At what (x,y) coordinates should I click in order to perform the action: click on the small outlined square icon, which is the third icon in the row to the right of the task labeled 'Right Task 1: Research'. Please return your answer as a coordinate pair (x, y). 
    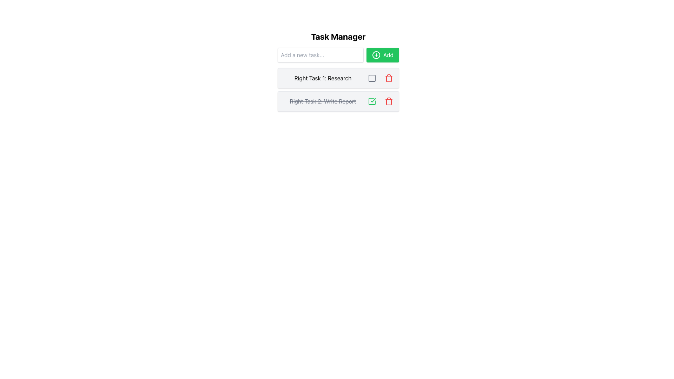
    Looking at the image, I should click on (372, 78).